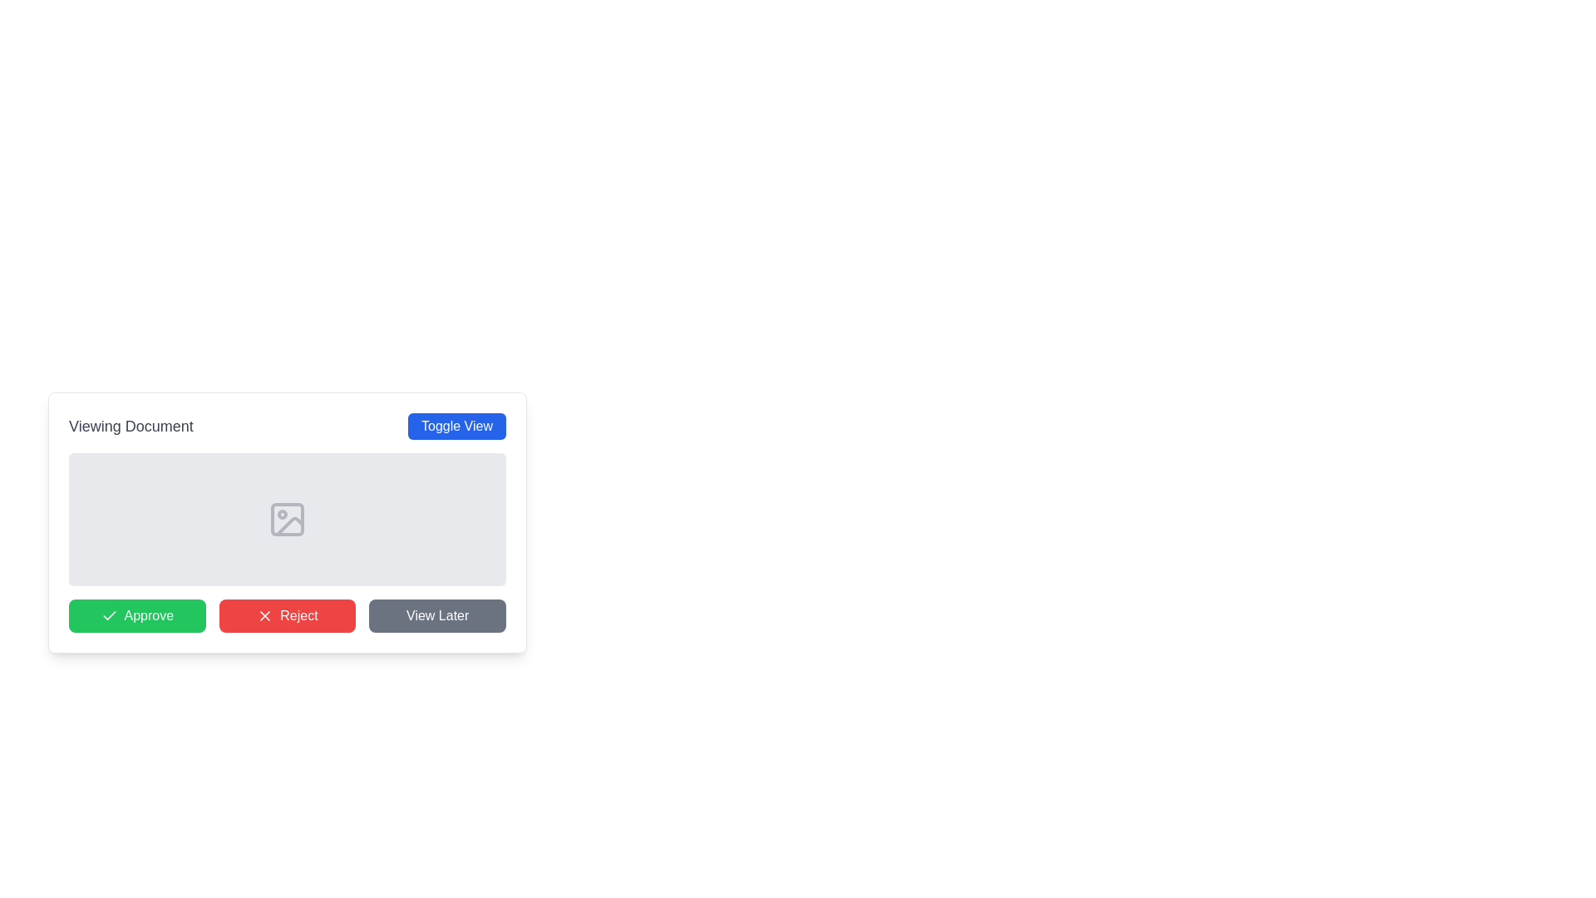 This screenshot has width=1596, height=898. Describe the element at coordinates (108, 615) in the screenshot. I see `the decorative affirmative action icon within the green 'Approve' button located at the bottom-left corner of the interface` at that location.